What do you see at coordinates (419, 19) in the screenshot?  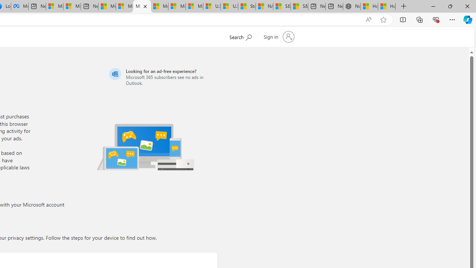 I see `'Collections'` at bounding box center [419, 19].